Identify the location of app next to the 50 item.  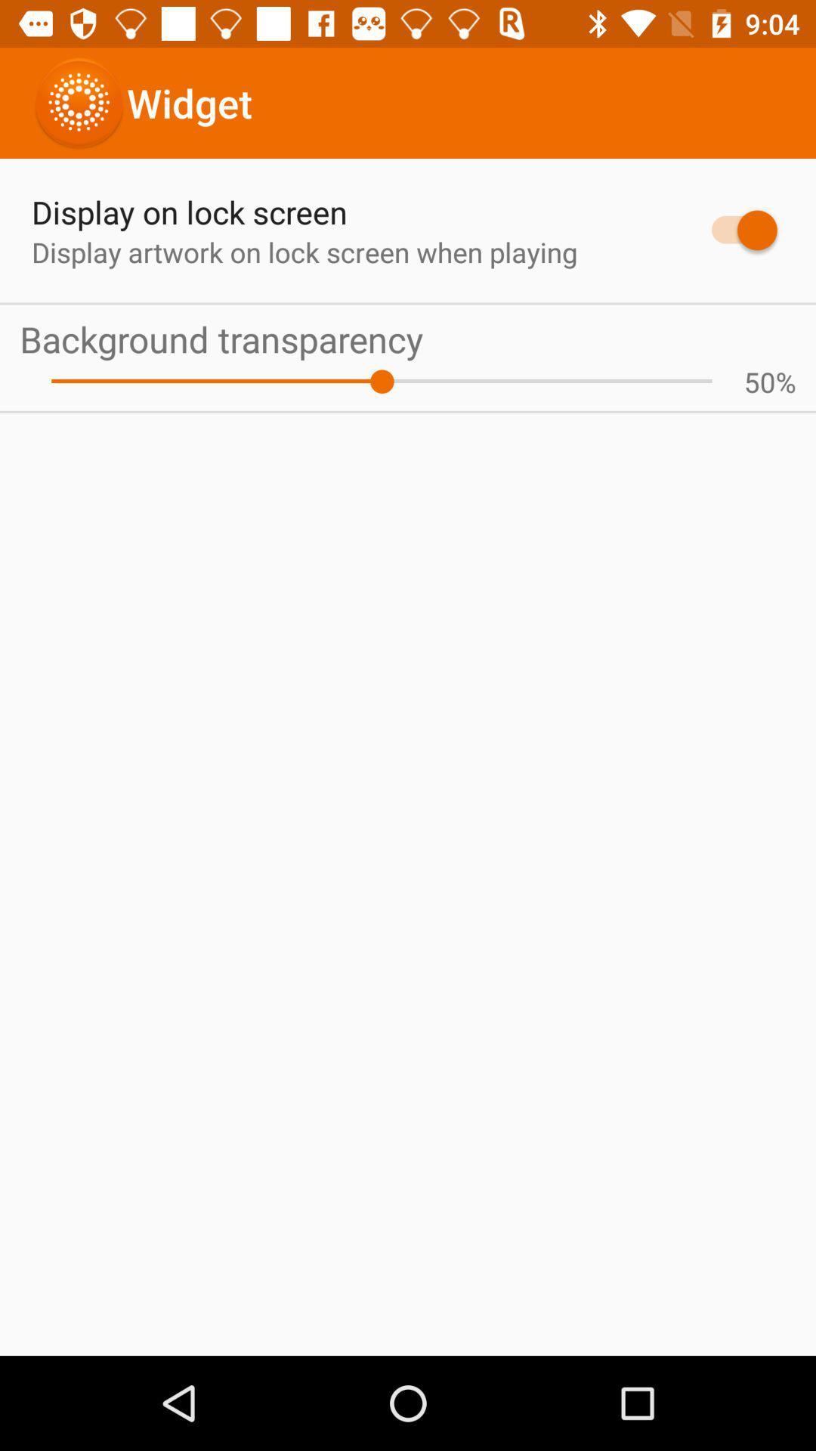
(785, 382).